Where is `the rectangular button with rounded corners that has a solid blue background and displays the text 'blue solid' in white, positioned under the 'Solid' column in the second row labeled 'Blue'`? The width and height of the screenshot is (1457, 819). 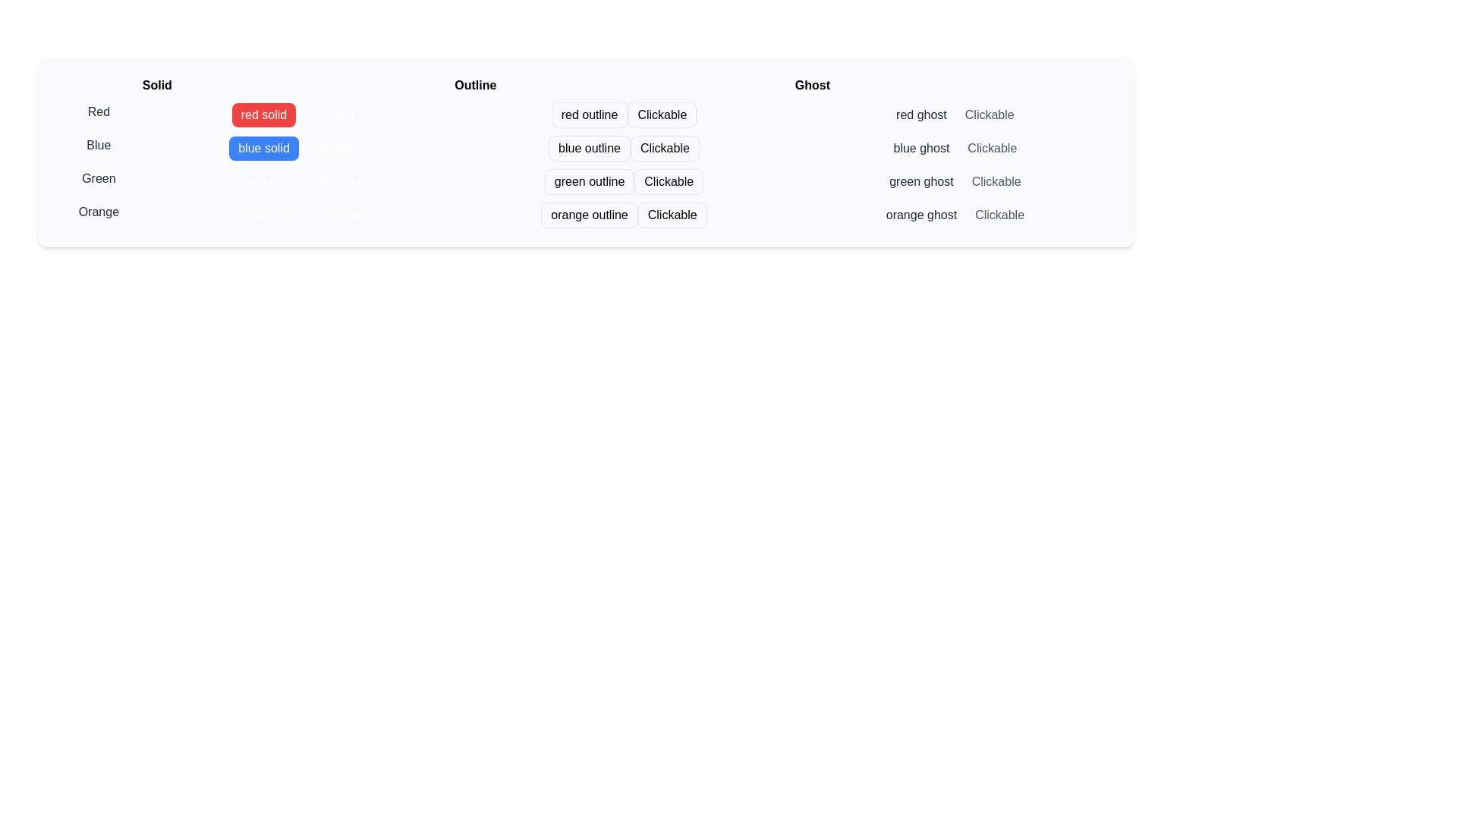 the rectangular button with rounded corners that has a solid blue background and displays the text 'blue solid' in white, positioned under the 'Solid' column in the second row labeled 'Blue' is located at coordinates (263, 149).